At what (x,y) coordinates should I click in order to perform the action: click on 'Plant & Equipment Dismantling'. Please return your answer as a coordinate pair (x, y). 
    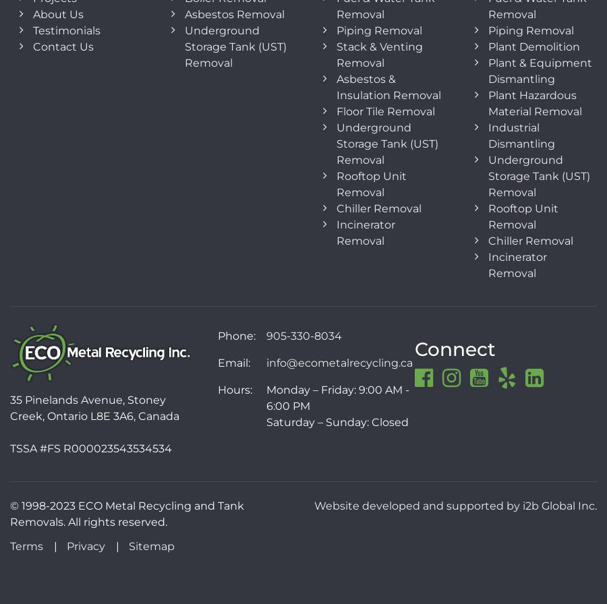
    Looking at the image, I should click on (540, 70).